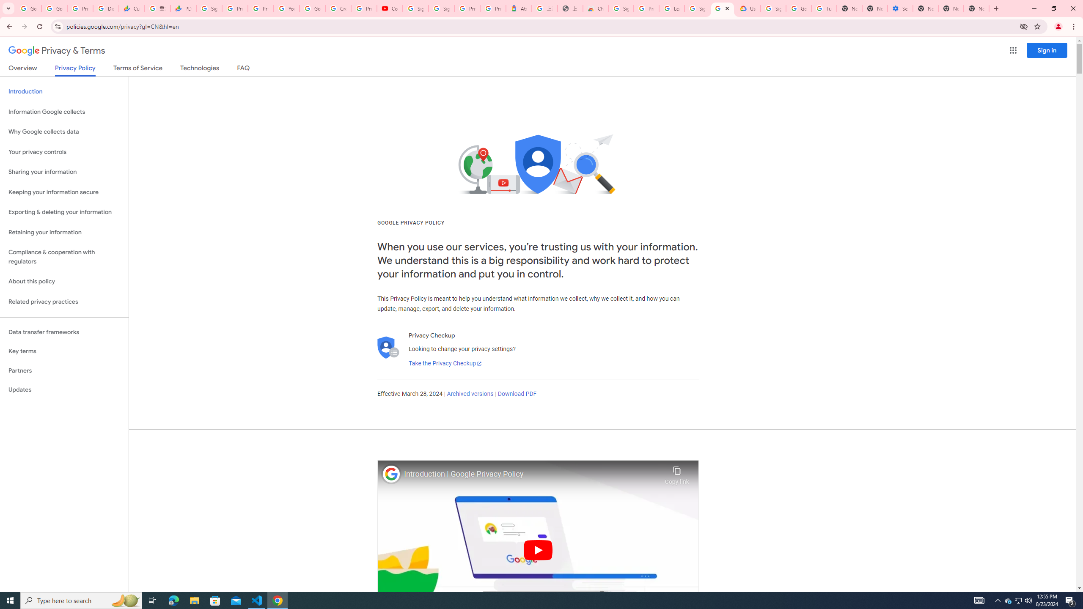 This screenshot has height=609, width=1083. I want to click on 'Settings - Addresses and more', so click(900, 8).